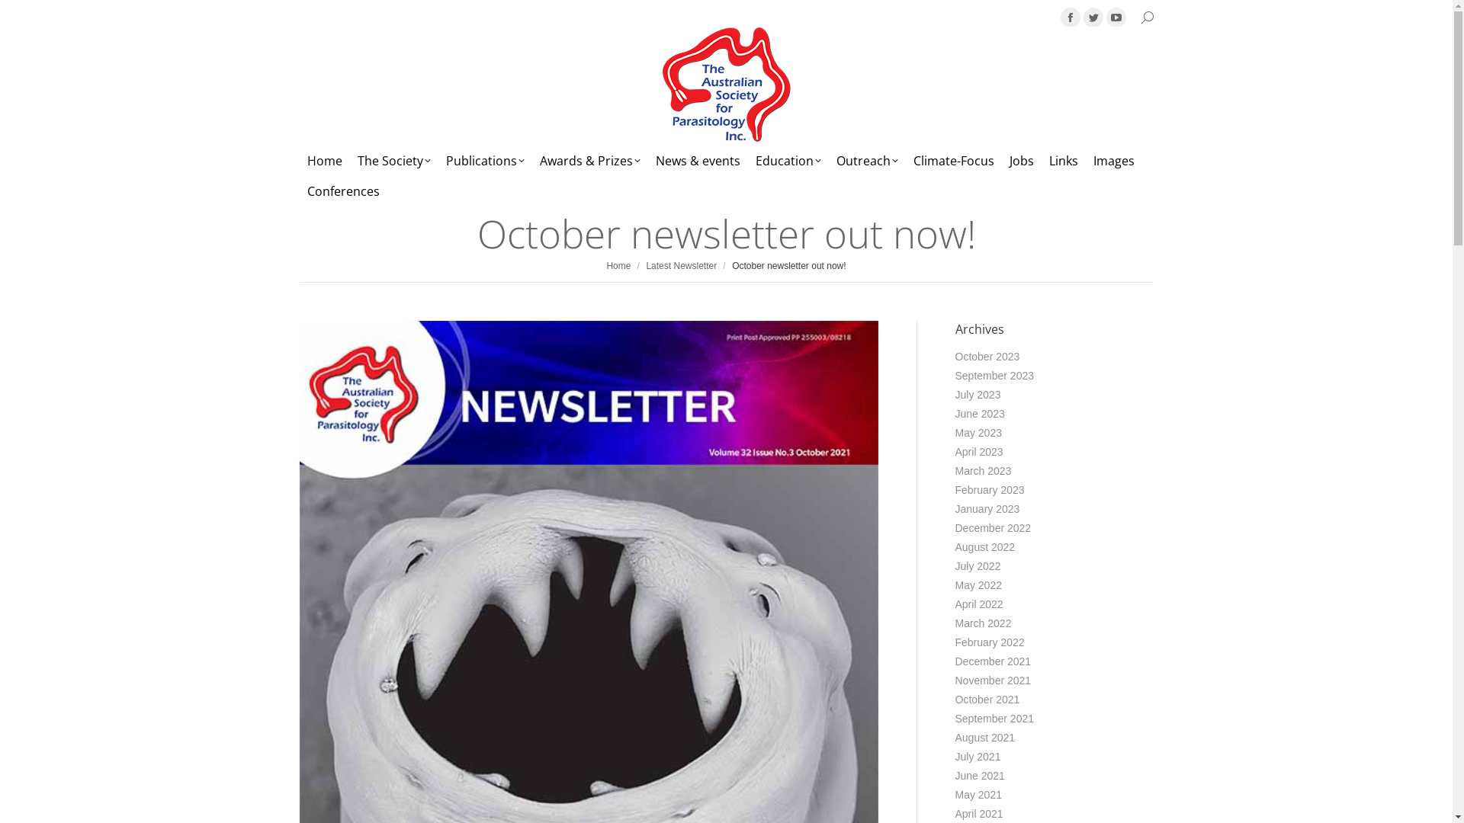 This screenshot has width=1464, height=823. What do you see at coordinates (987, 508) in the screenshot?
I see `'January 2023'` at bounding box center [987, 508].